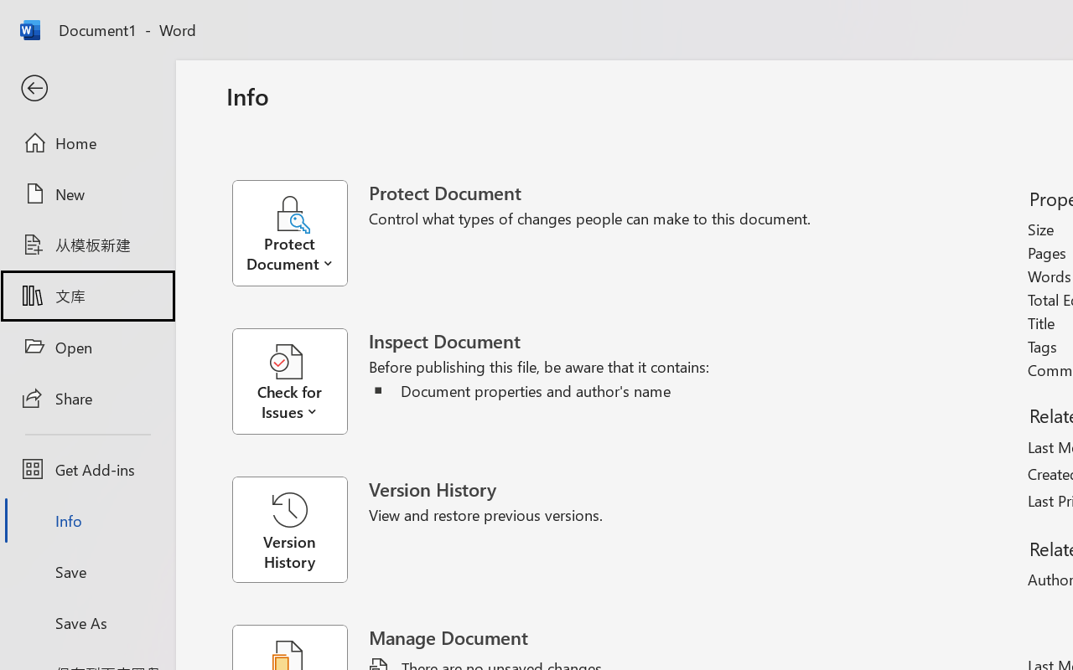 The width and height of the screenshot is (1073, 670). Describe the element at coordinates (289, 529) in the screenshot. I see `'Version History'` at that location.